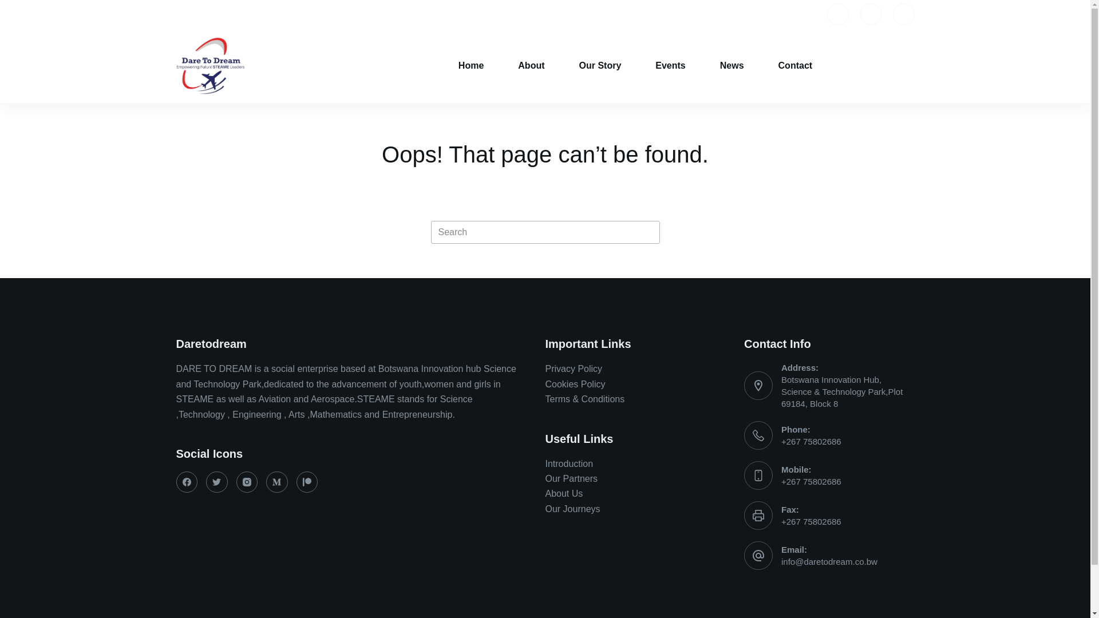 This screenshot has width=1099, height=618. What do you see at coordinates (441, 66) in the screenshot?
I see `'Home'` at bounding box center [441, 66].